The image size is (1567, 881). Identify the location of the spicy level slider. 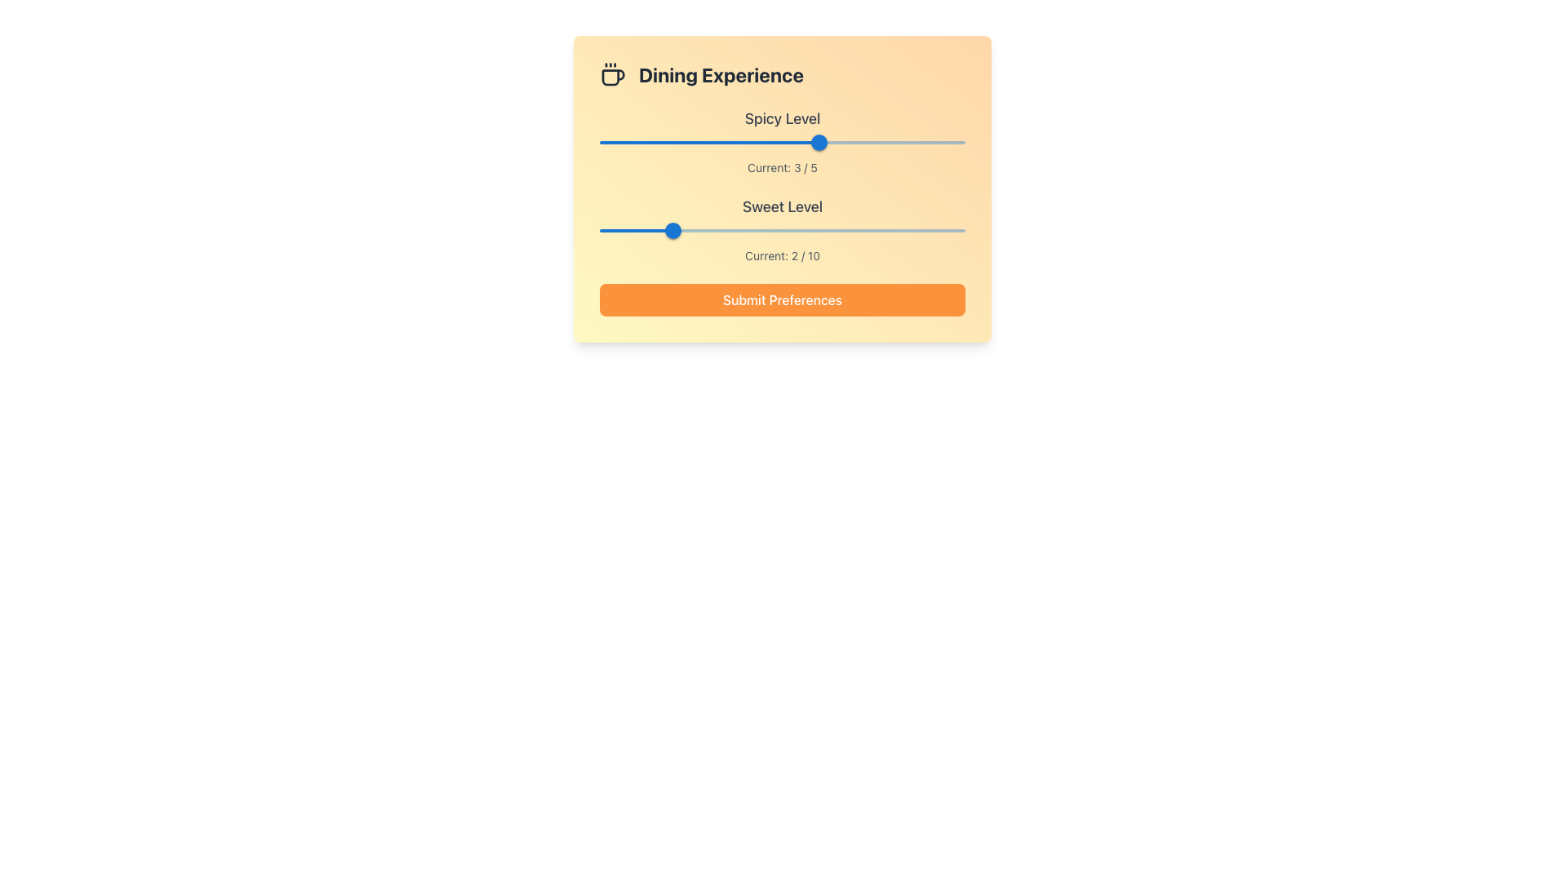
(783, 141).